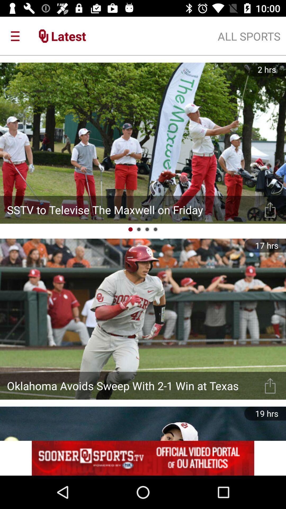 The image size is (286, 509). I want to click on show options, so click(270, 209).